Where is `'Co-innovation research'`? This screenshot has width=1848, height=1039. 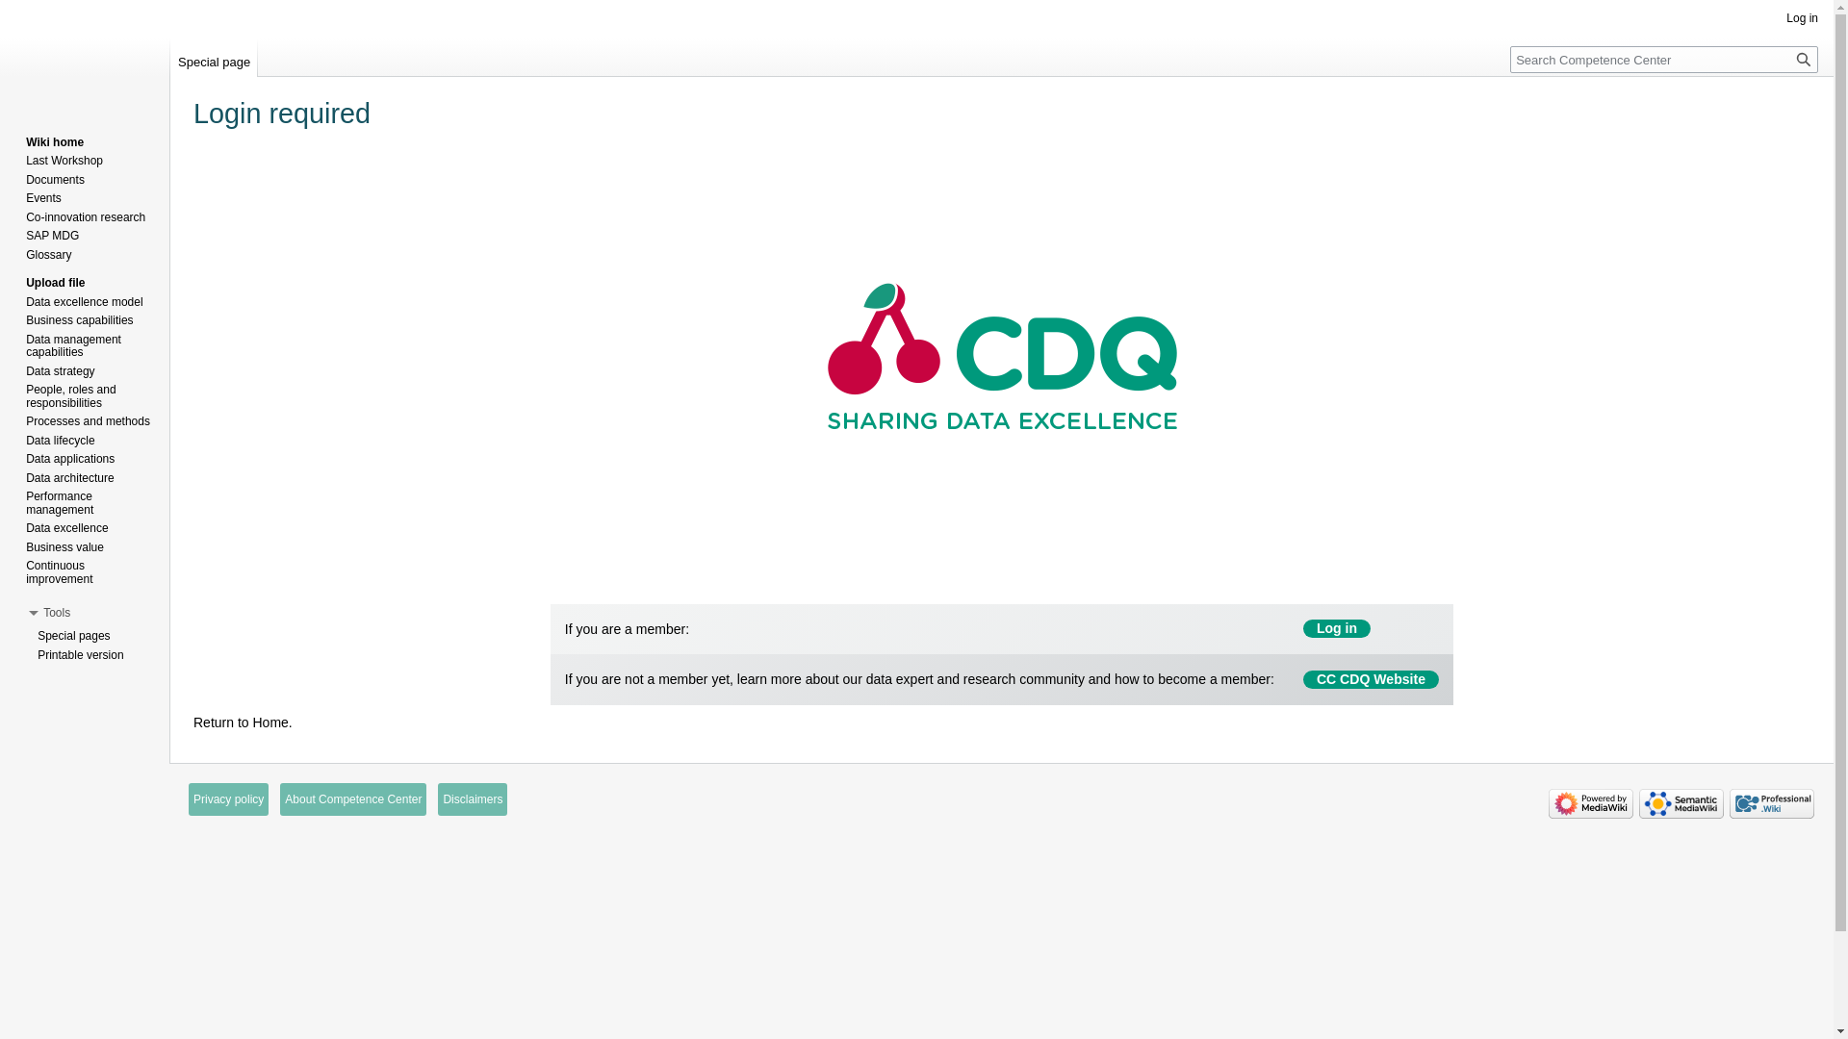 'Co-innovation research' is located at coordinates (85, 216).